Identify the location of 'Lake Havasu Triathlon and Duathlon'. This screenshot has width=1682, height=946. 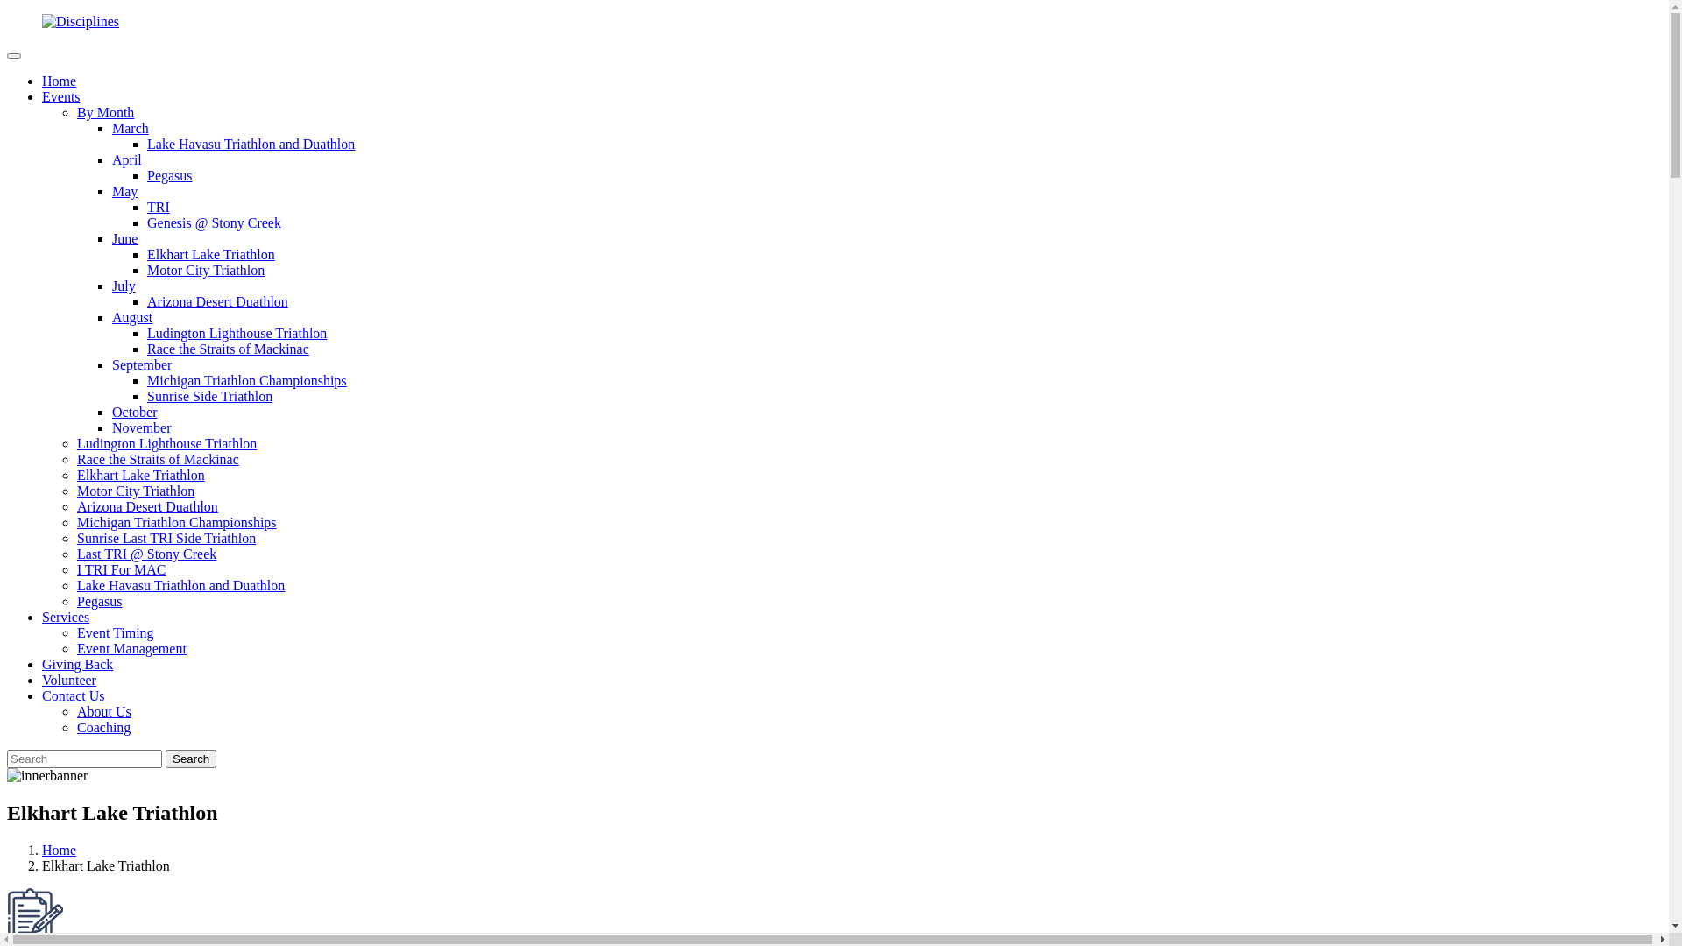
(75, 585).